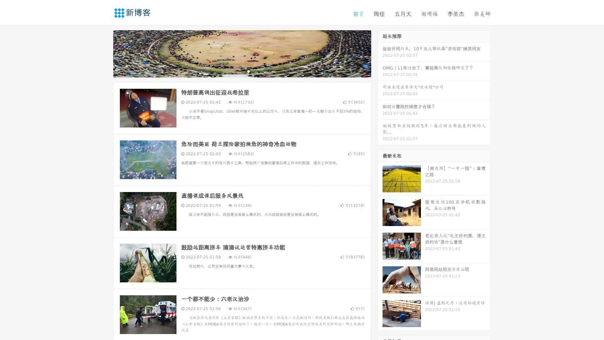 The height and width of the screenshot is (340, 604). I want to click on Go to slide 1, so click(235, 71).